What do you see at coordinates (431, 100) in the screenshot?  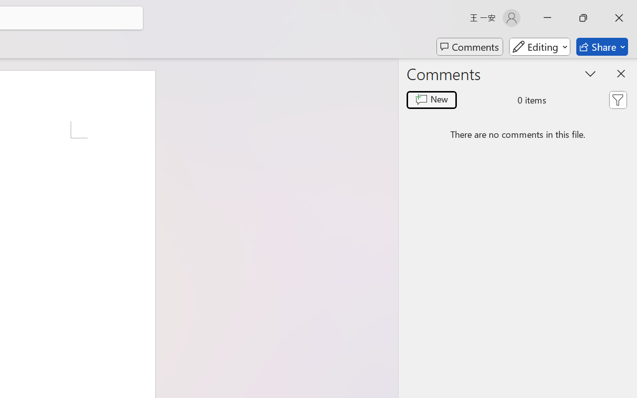 I see `'New comment'` at bounding box center [431, 100].